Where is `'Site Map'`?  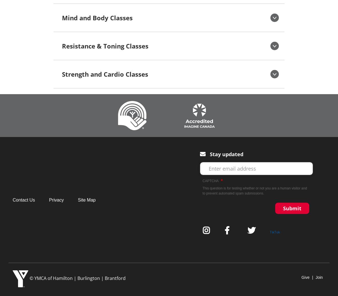
'Site Map' is located at coordinates (86, 200).